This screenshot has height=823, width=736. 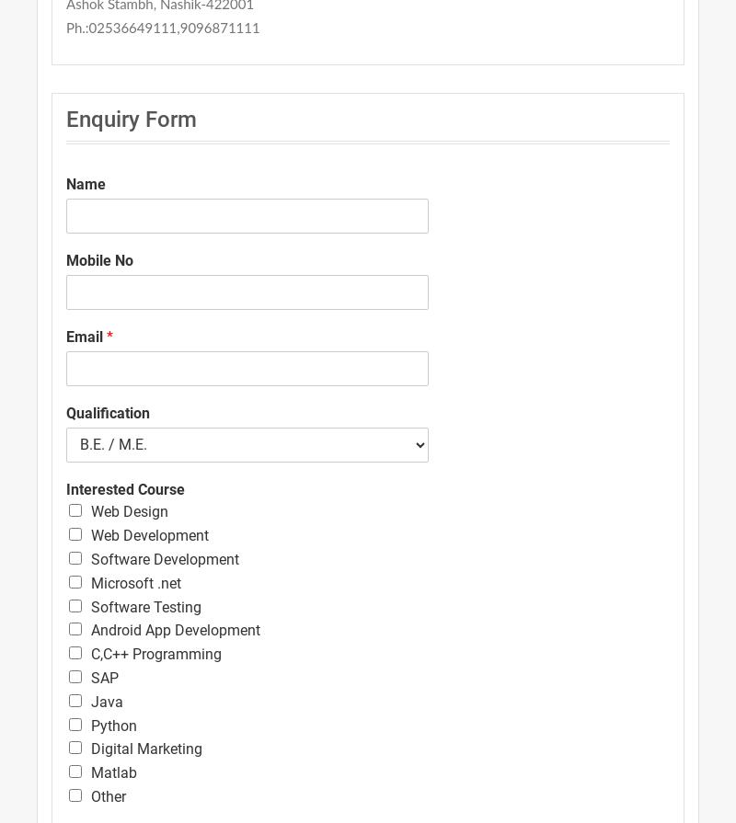 What do you see at coordinates (66, 184) in the screenshot?
I see `'Name'` at bounding box center [66, 184].